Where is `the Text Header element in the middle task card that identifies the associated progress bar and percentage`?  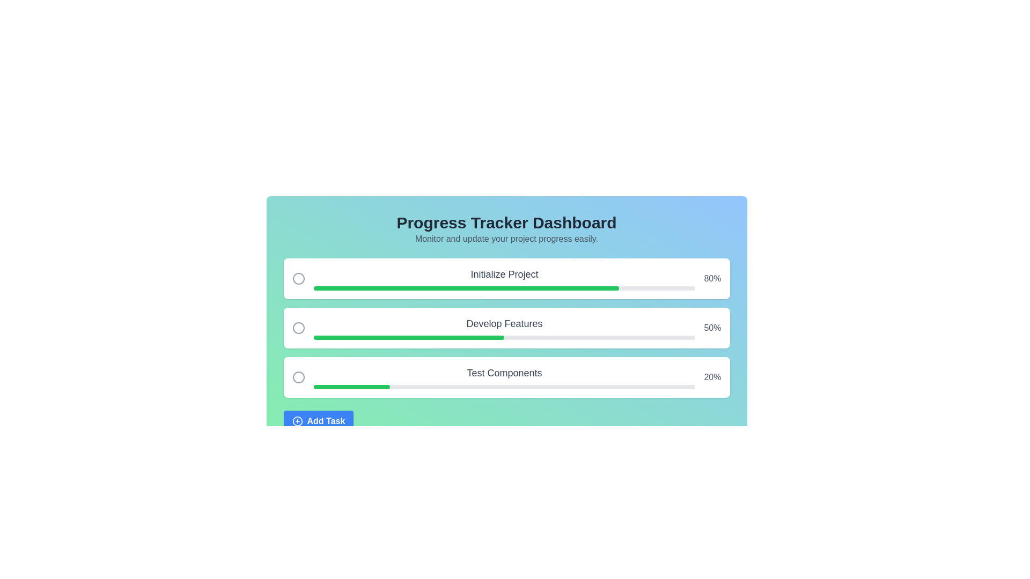 the Text Header element in the middle task card that identifies the associated progress bar and percentage is located at coordinates (504, 328).